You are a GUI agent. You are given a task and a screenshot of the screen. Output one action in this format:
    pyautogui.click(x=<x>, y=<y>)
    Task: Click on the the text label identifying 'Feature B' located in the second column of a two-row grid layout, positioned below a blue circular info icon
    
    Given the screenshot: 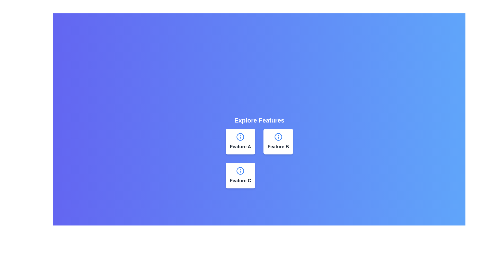 What is the action you would take?
    pyautogui.click(x=278, y=147)
    